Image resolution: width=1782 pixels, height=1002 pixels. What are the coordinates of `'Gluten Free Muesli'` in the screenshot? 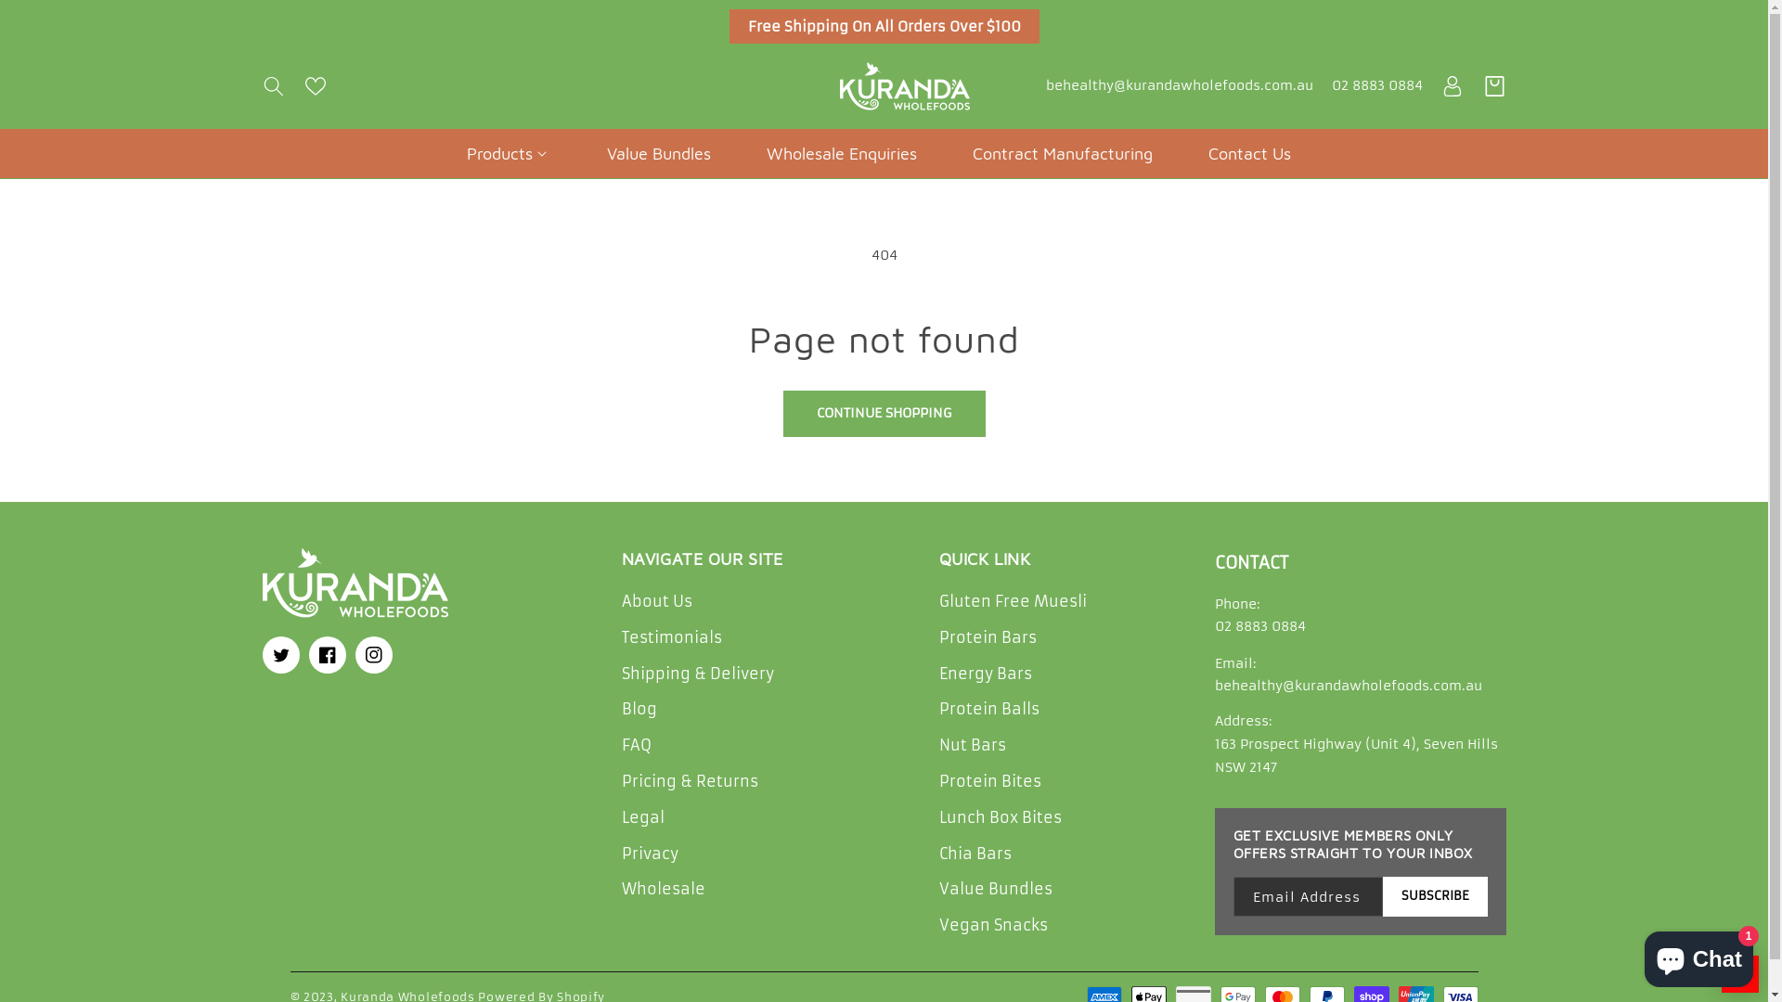 It's located at (1012, 604).